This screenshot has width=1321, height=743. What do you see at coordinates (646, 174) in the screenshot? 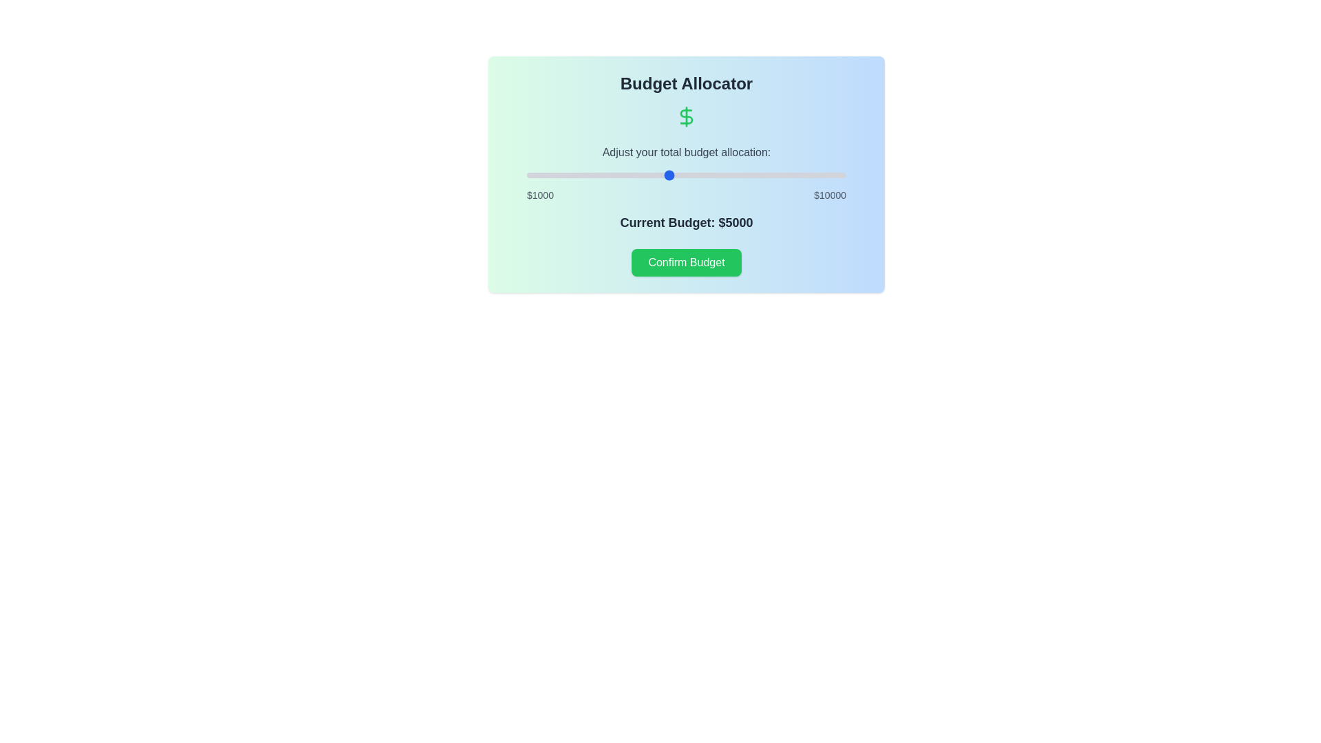
I see `the budget slider to set the budget to 4375 dollars` at bounding box center [646, 174].